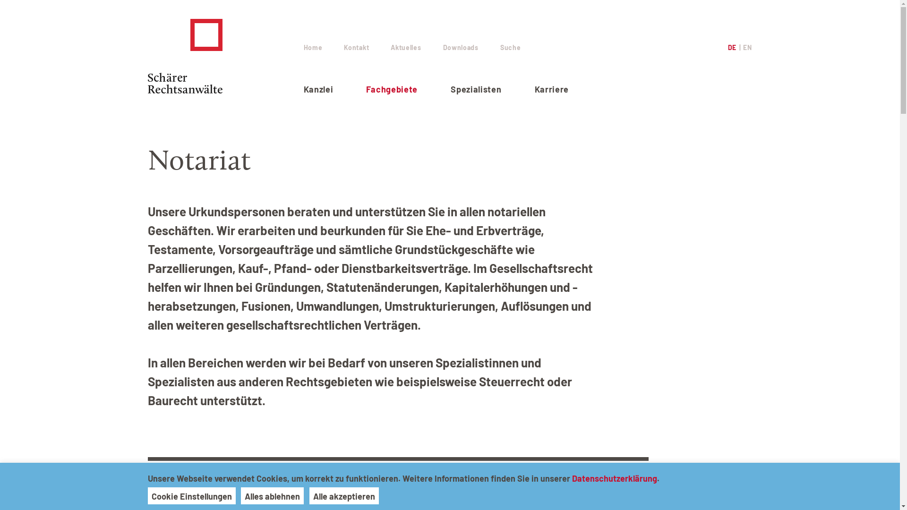  What do you see at coordinates (731, 47) in the screenshot?
I see `'DE'` at bounding box center [731, 47].